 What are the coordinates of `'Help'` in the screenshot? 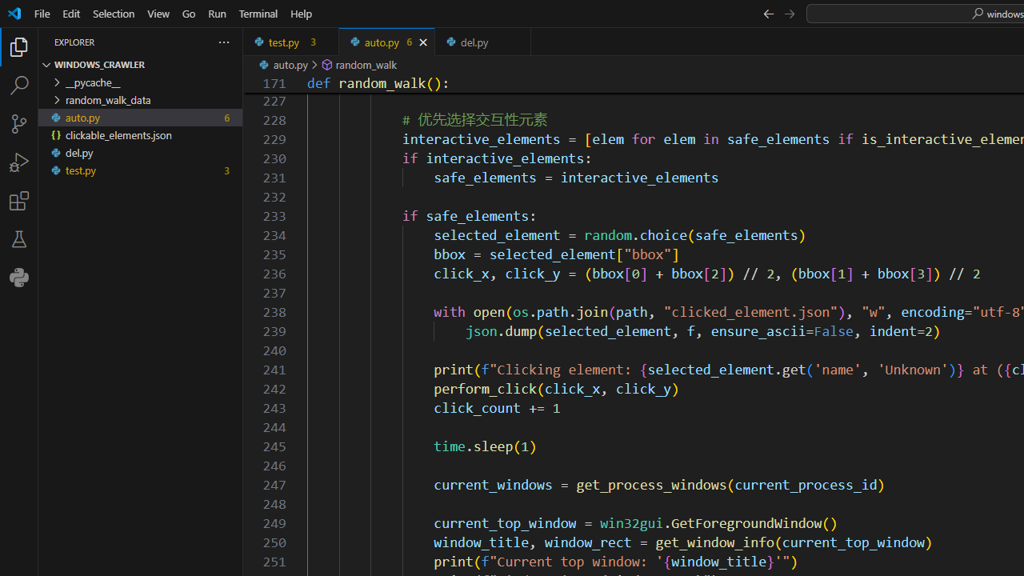 It's located at (301, 13).